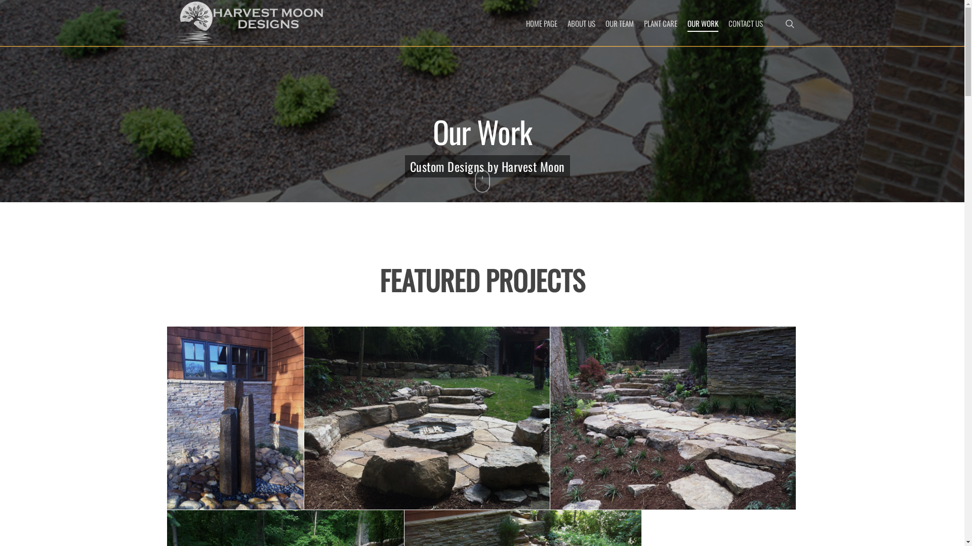 Image resolution: width=972 pixels, height=546 pixels. I want to click on 'OUR WORK', so click(687, 23).